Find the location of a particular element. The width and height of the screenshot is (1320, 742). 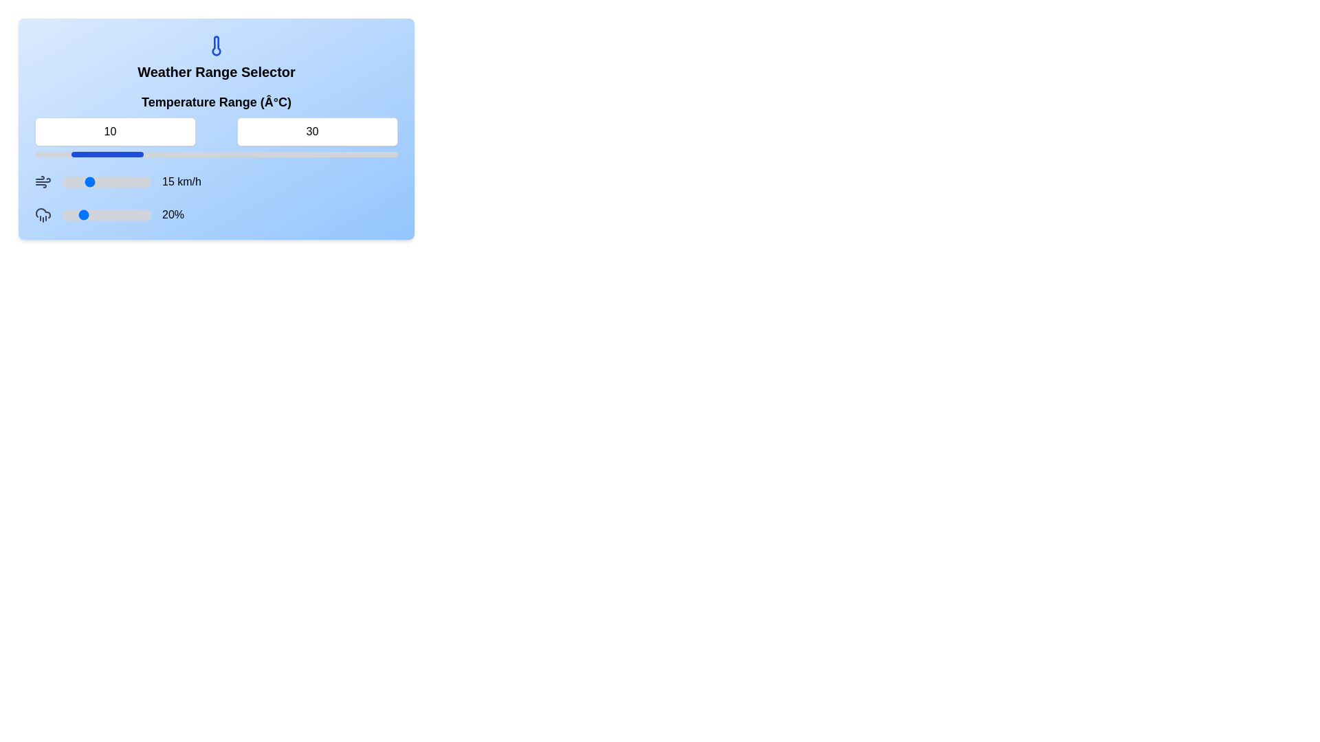

the speed is located at coordinates (105, 181).